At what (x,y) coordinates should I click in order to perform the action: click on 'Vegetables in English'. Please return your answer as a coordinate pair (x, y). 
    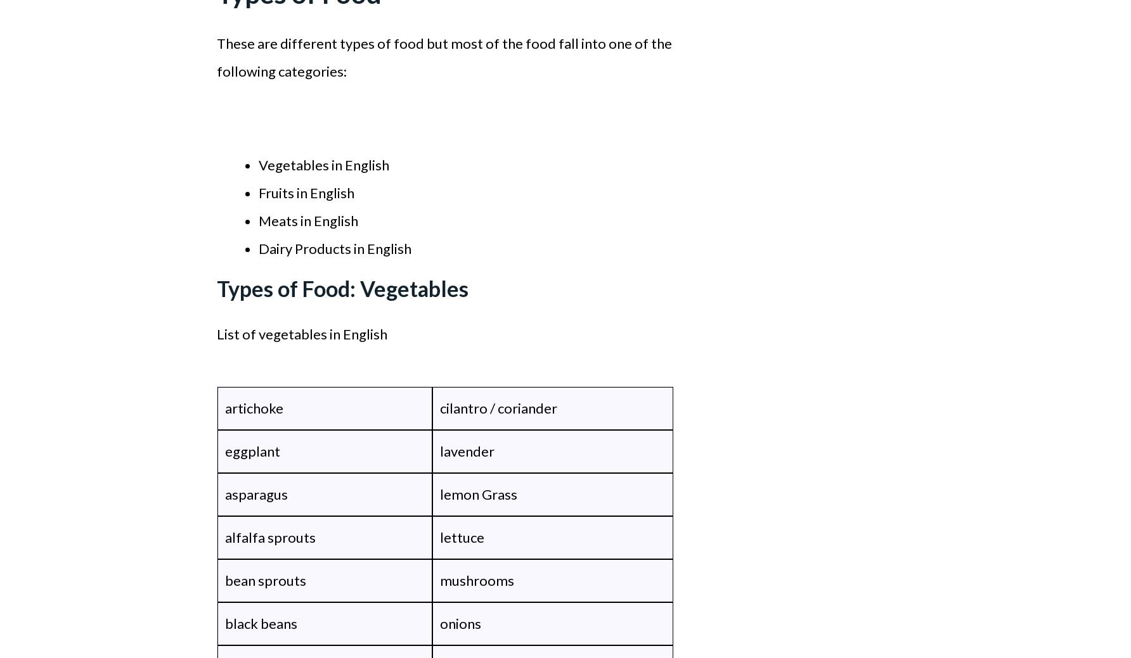
    Looking at the image, I should click on (323, 165).